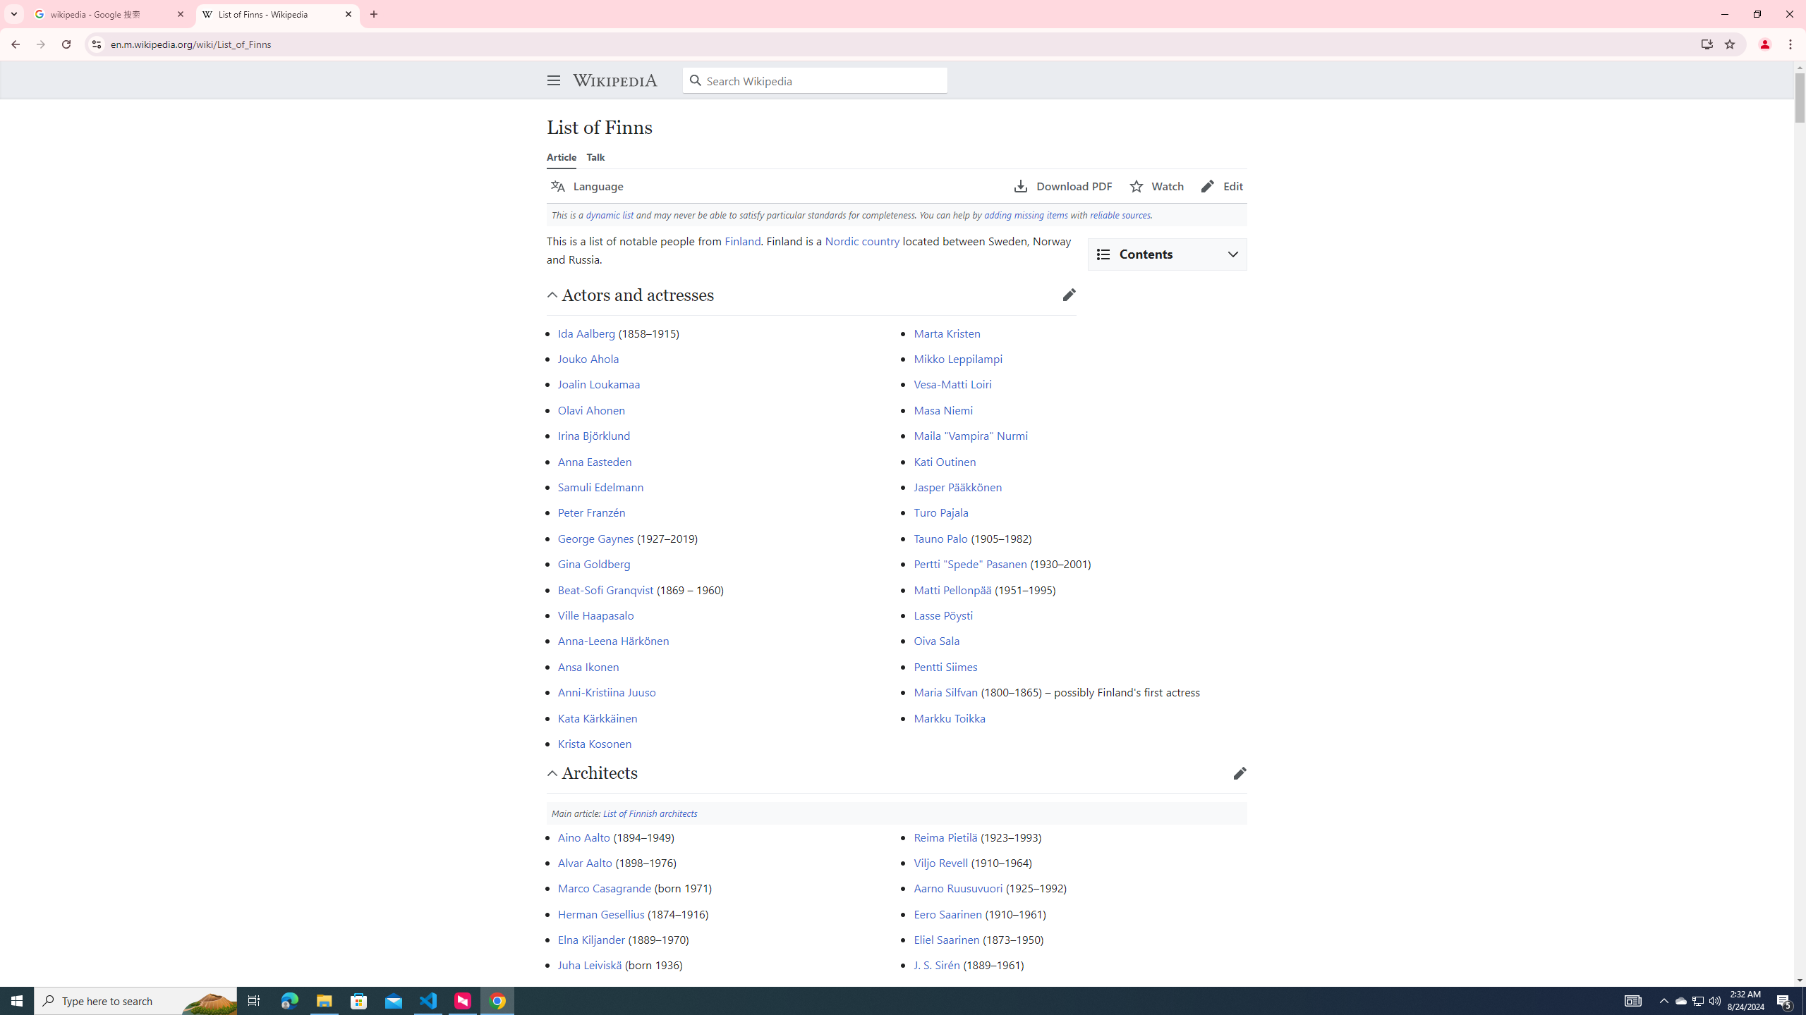  Describe the element at coordinates (600, 486) in the screenshot. I see `'Samuli Edelmann'` at that location.